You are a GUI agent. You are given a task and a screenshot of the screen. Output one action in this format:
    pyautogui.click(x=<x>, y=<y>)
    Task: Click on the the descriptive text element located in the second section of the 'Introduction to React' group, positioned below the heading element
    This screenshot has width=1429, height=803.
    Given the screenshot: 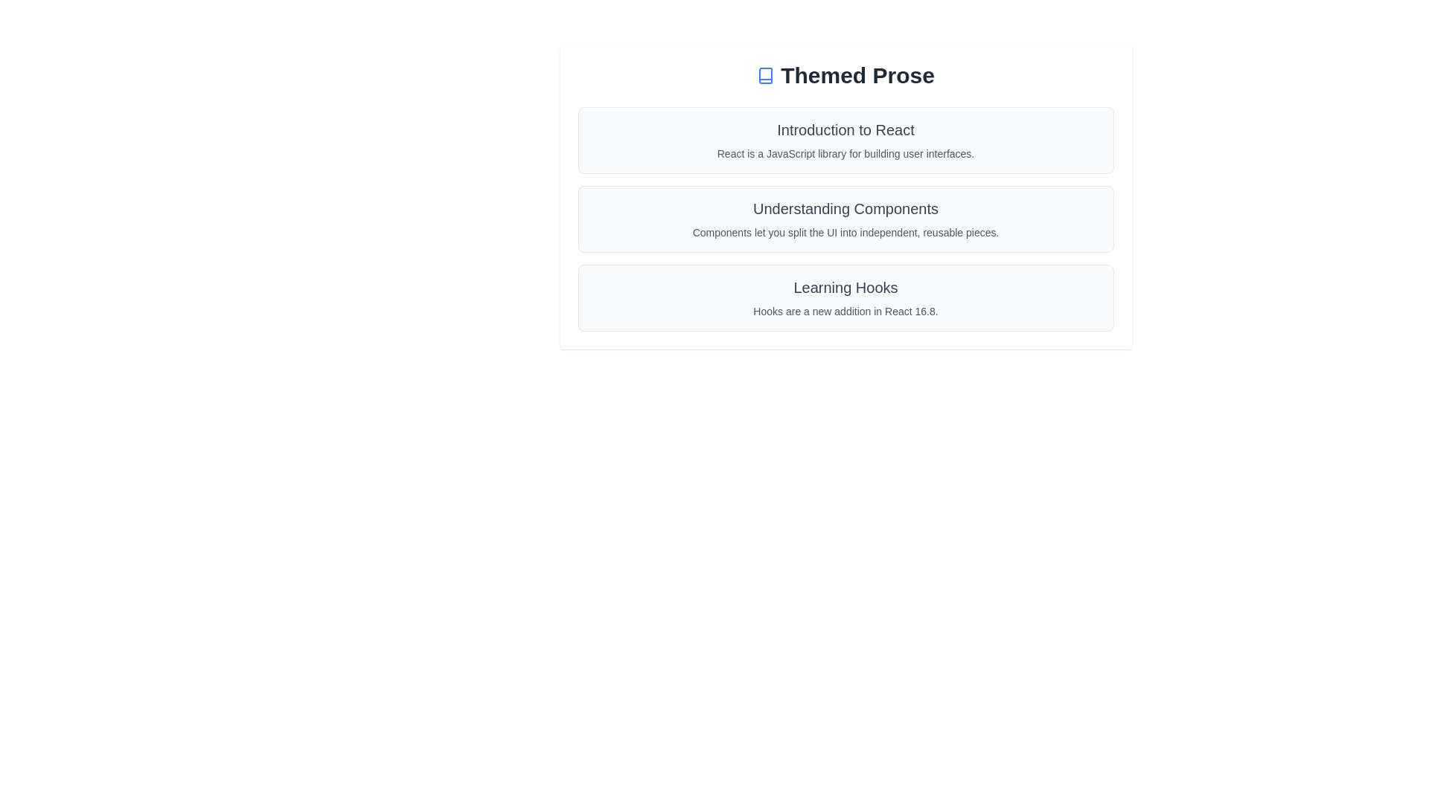 What is the action you would take?
    pyautogui.click(x=845, y=154)
    